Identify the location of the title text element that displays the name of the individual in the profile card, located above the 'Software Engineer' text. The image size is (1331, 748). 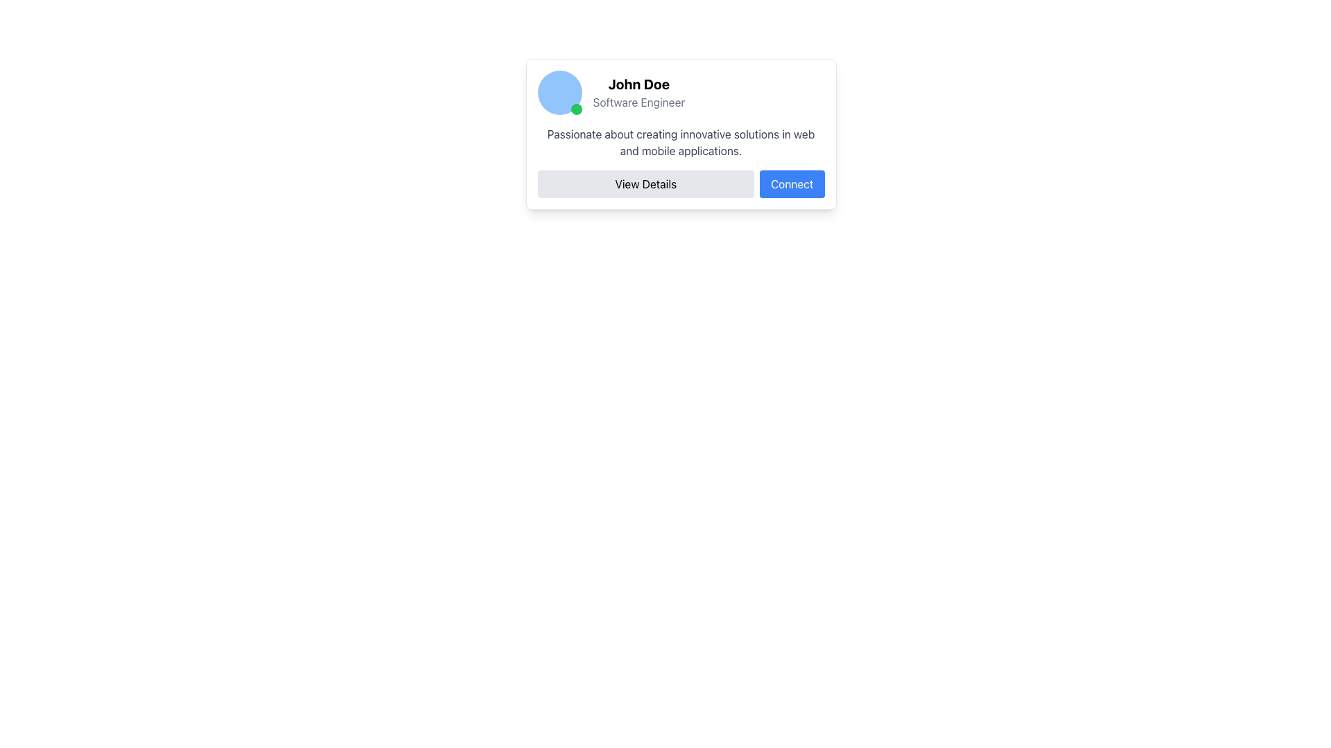
(638, 84).